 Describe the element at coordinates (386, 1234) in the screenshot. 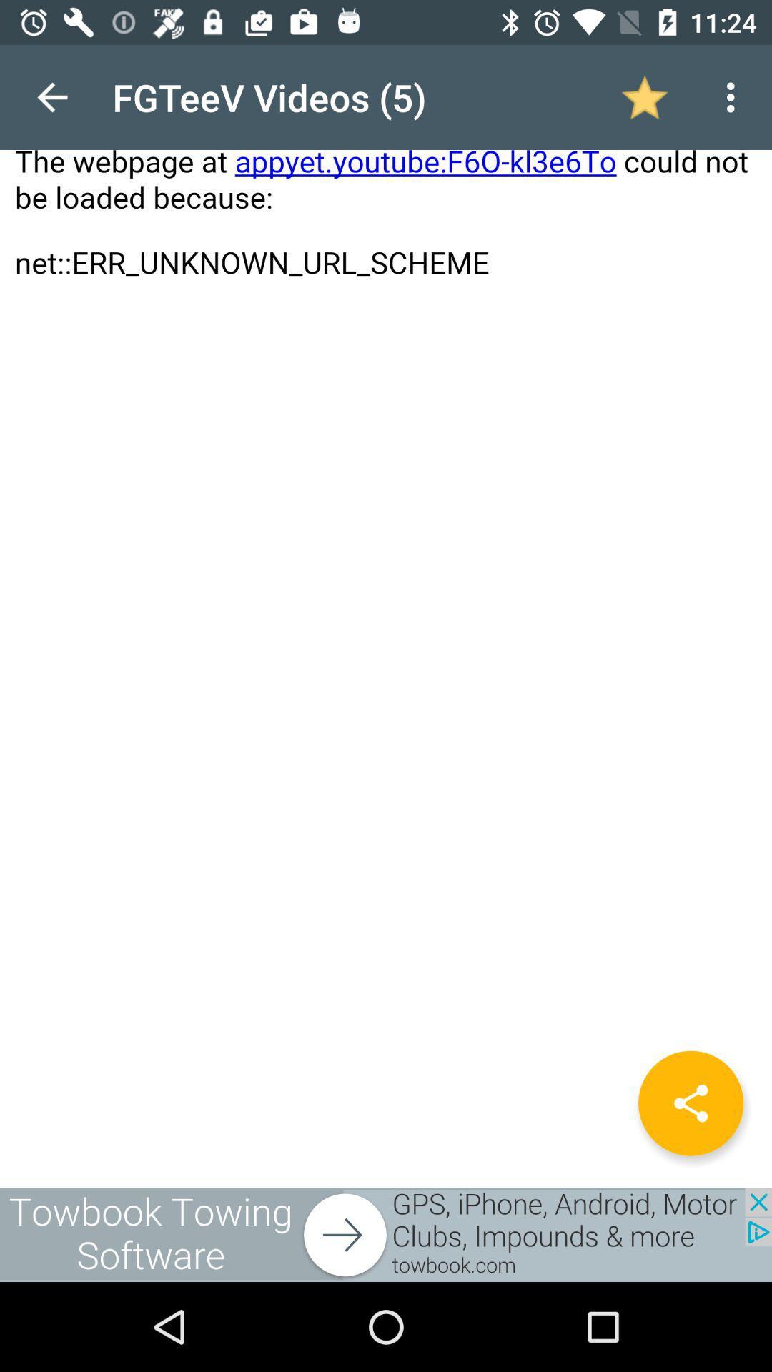

I see `open advertisement page` at that location.